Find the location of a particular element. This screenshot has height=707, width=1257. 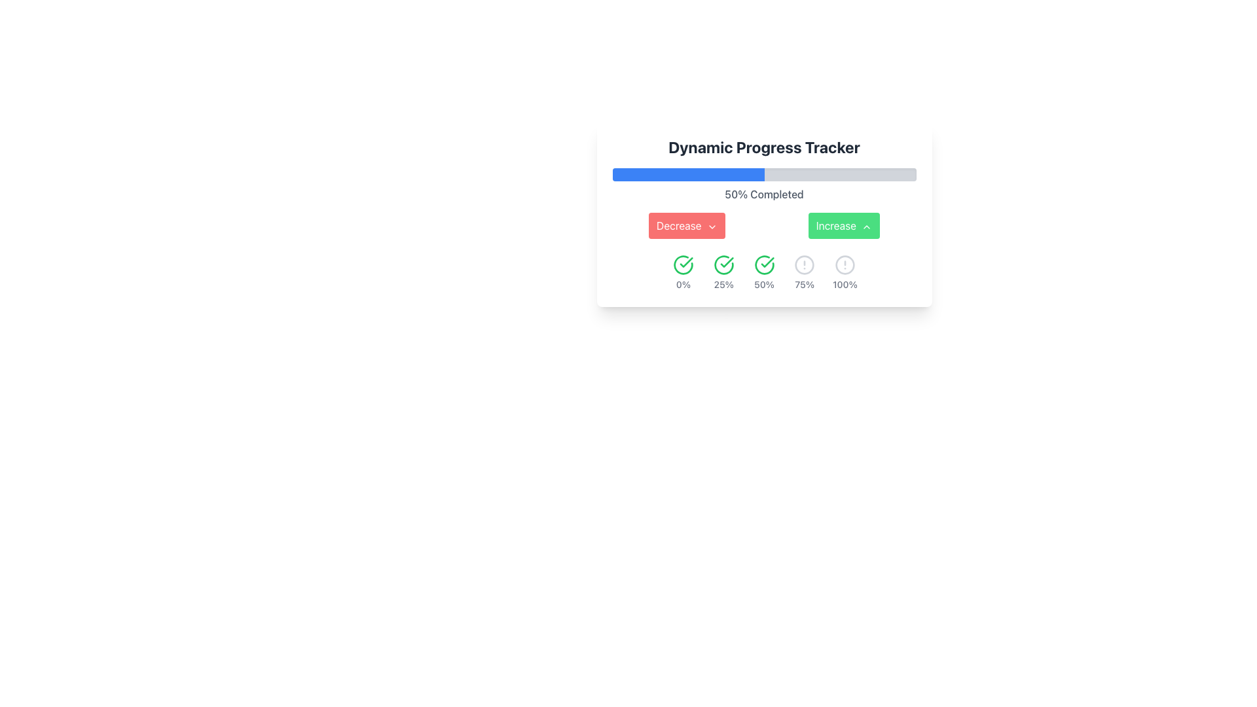

the fifth circular visual indicator in the row of symbols underneath the progress tracker is located at coordinates (804, 265).